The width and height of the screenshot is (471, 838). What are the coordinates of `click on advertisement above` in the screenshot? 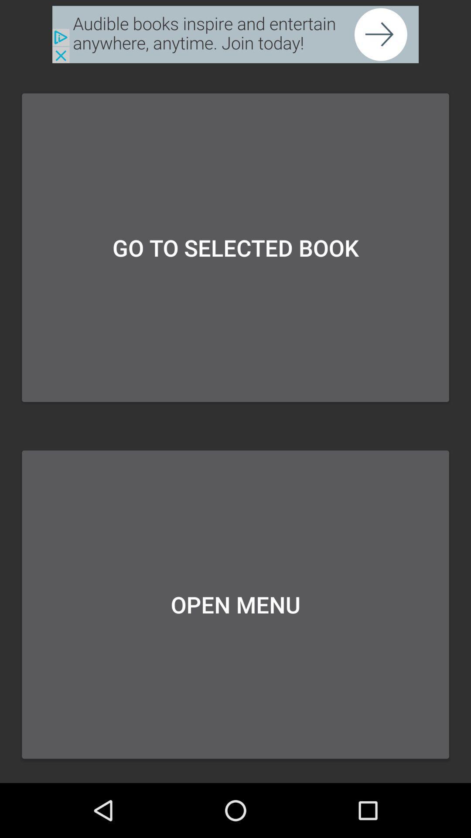 It's located at (235, 34).